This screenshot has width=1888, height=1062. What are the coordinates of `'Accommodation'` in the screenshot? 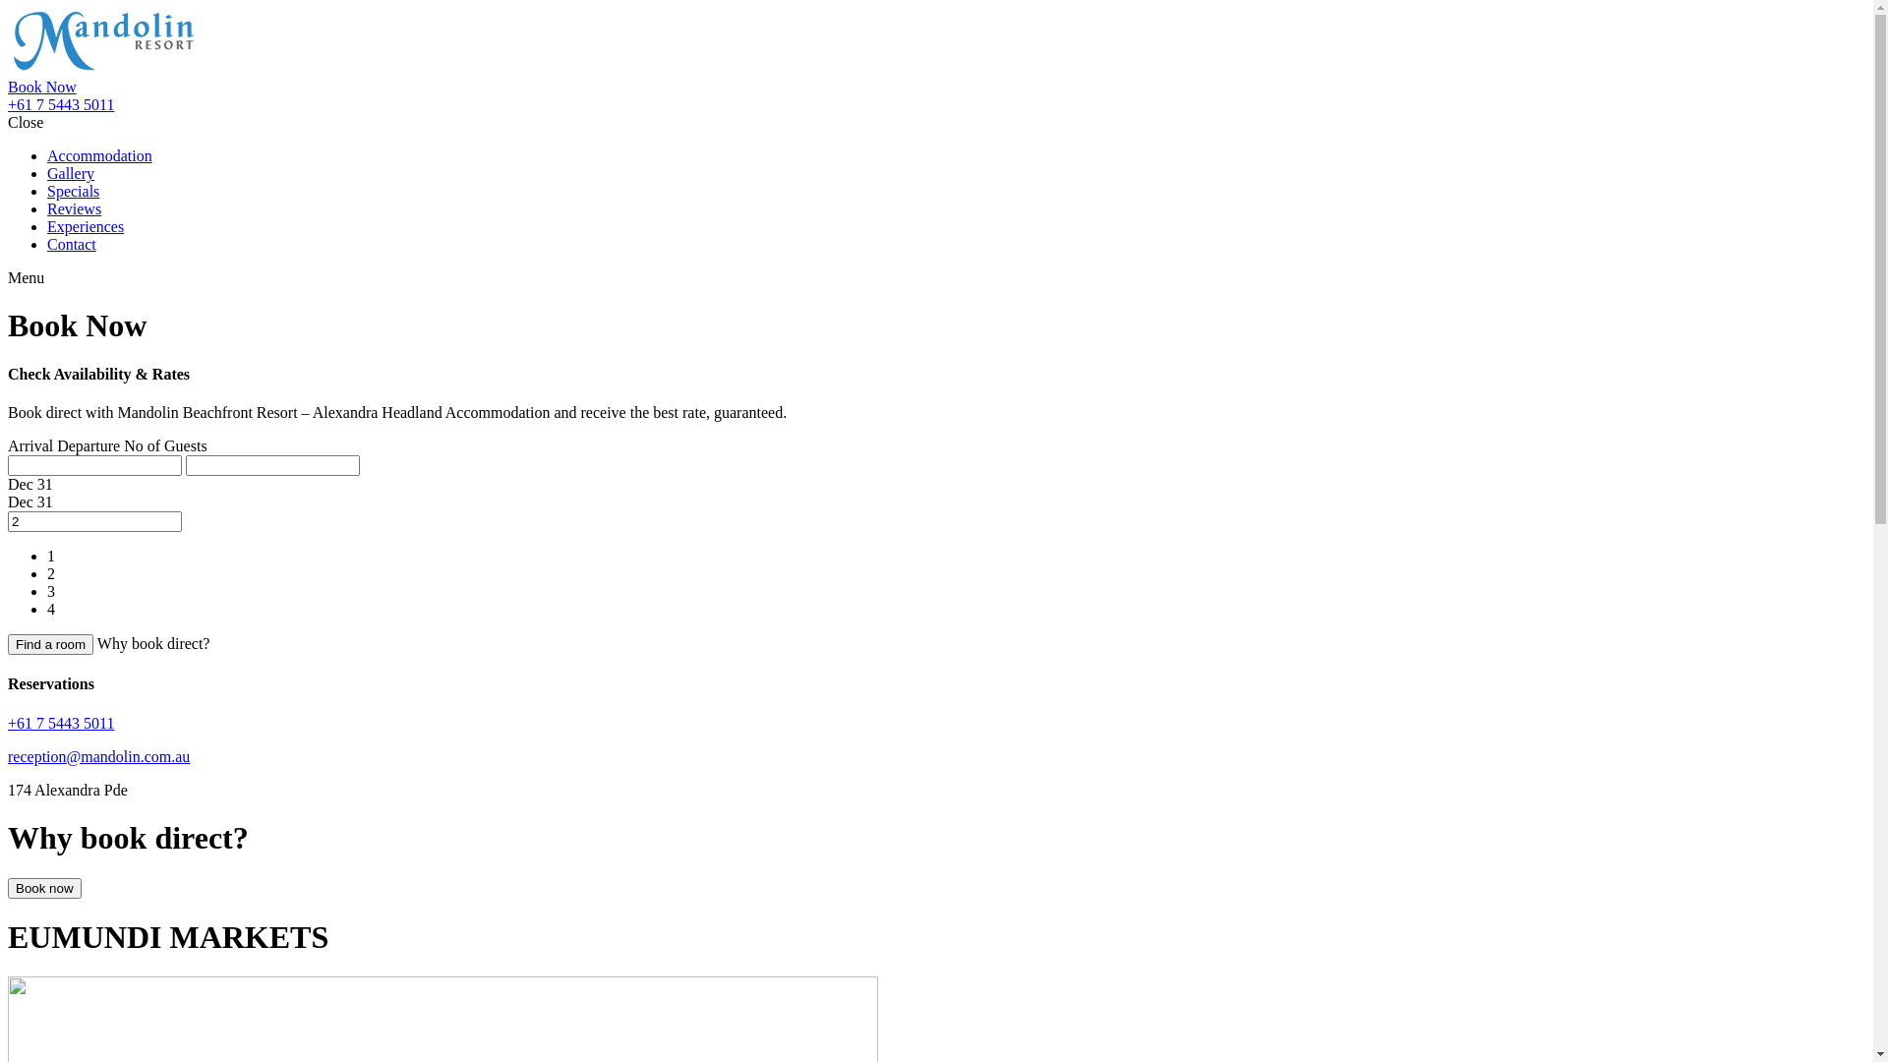 It's located at (98, 154).